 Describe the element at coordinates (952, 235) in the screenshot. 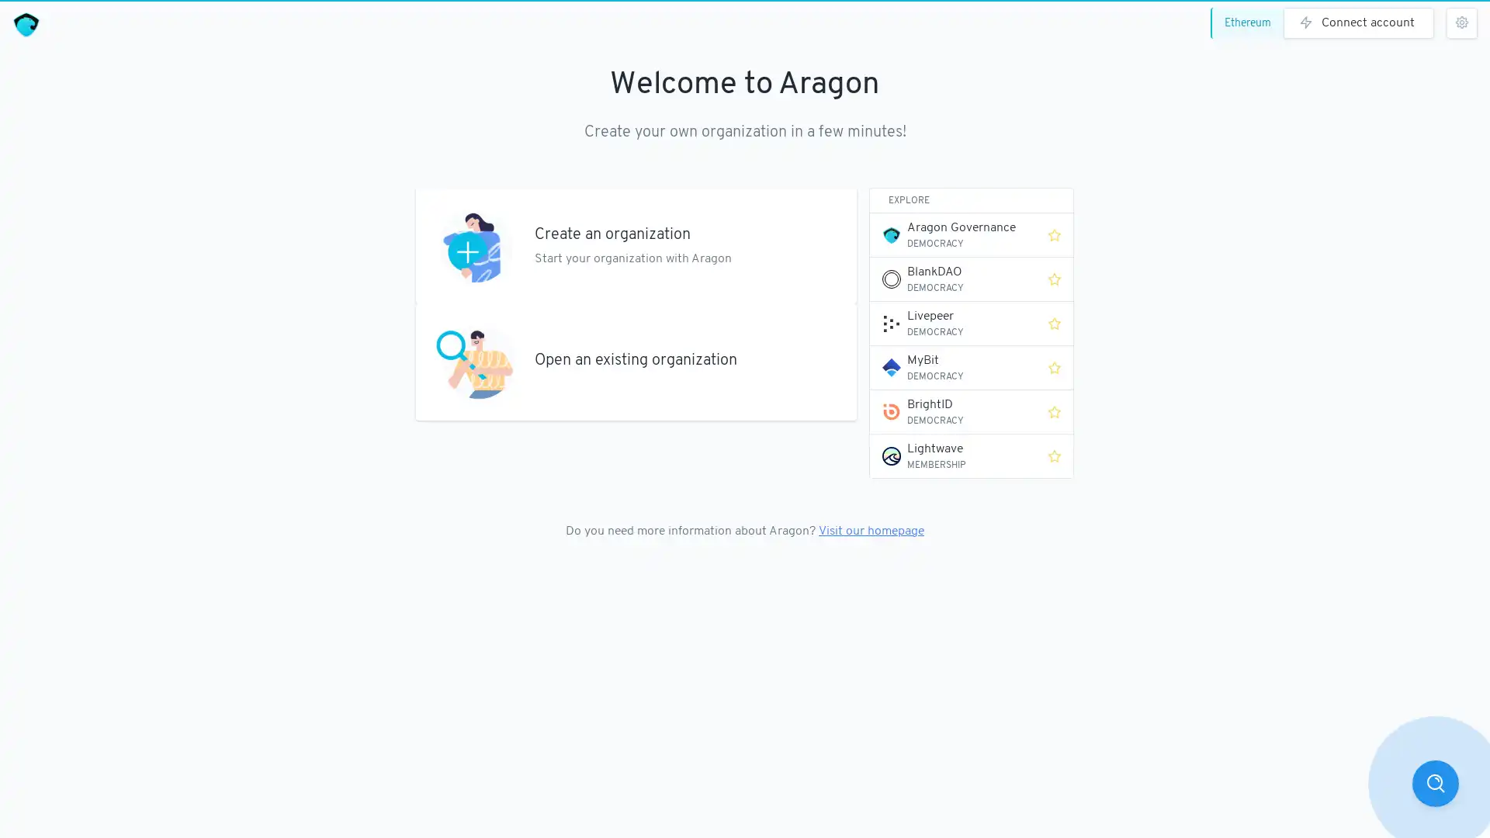

I see `Aragon Governance DEMOCRACY` at that location.